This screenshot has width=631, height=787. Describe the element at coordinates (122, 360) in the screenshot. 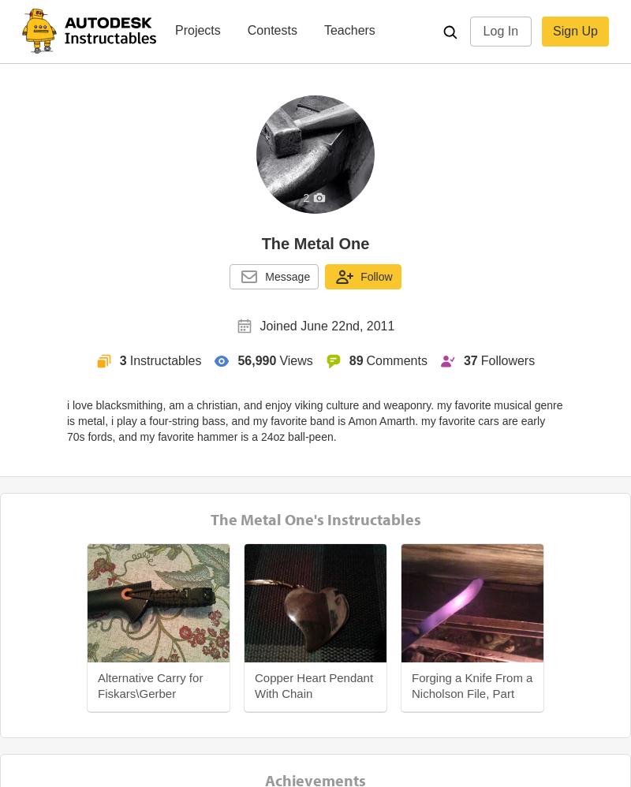

I see `'3'` at that location.